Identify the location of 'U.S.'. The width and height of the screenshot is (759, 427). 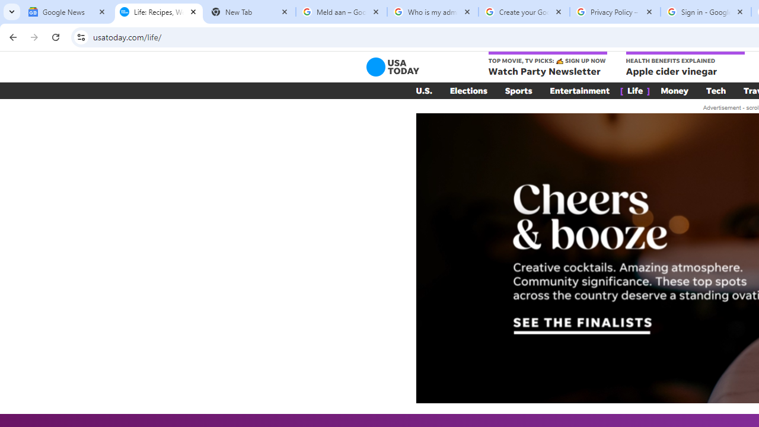
(423, 90).